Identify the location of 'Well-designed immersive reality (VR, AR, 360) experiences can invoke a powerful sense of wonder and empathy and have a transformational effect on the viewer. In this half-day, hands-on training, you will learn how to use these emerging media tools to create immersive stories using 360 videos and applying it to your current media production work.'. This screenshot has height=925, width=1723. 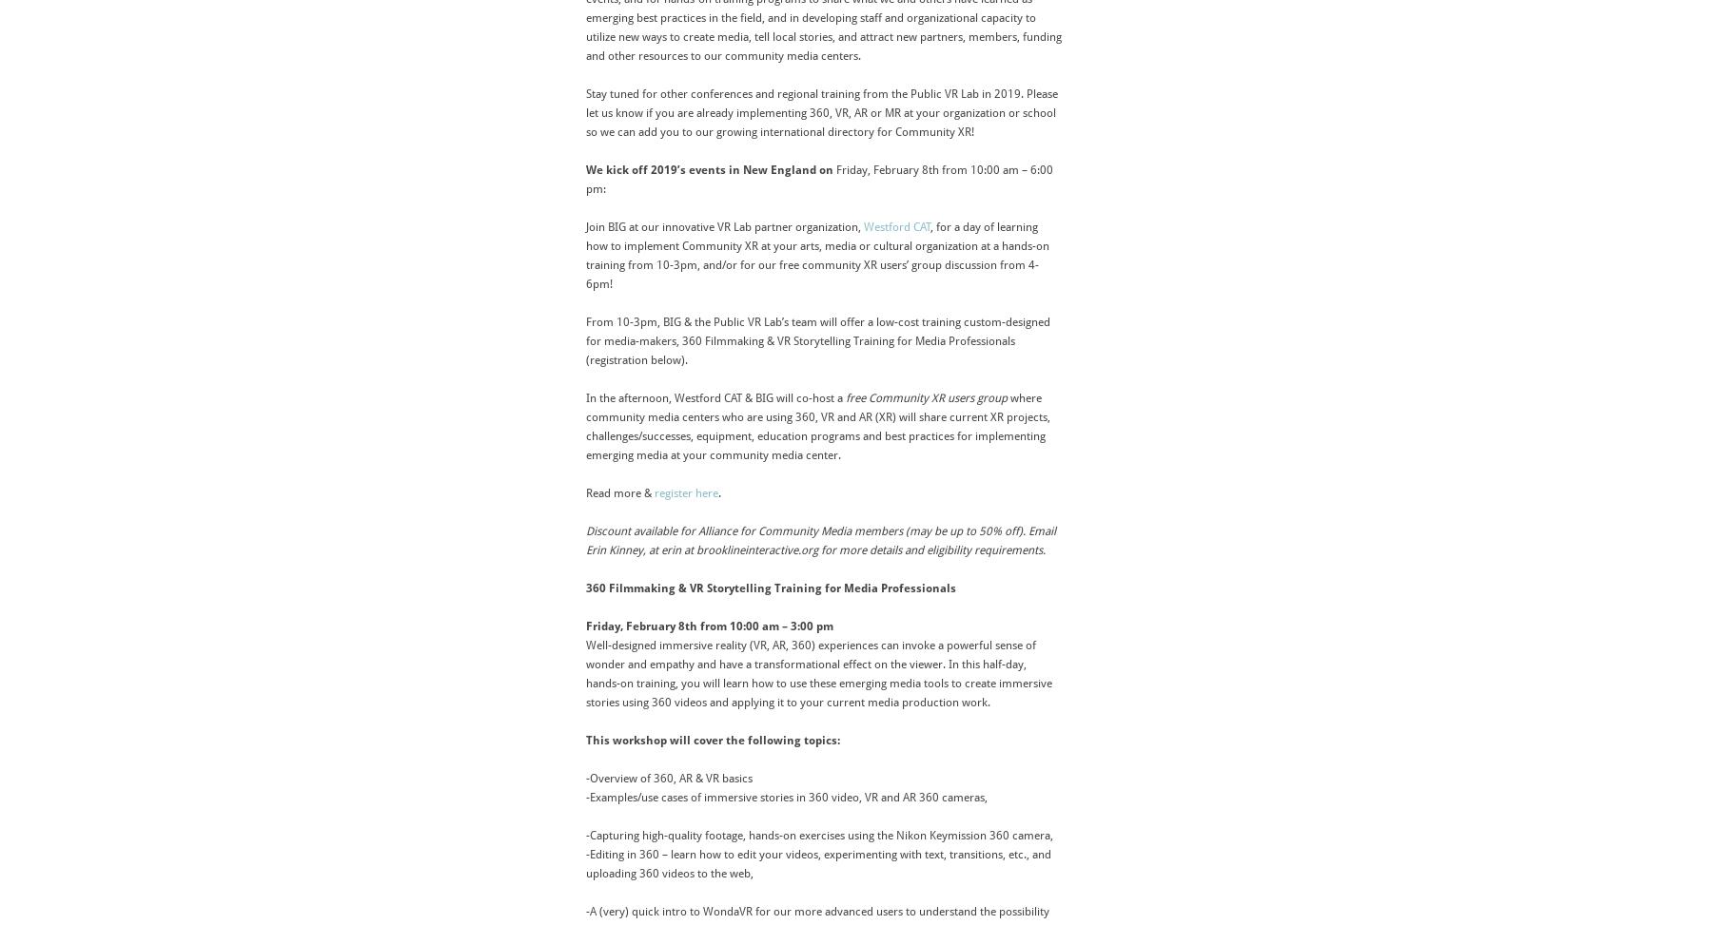
(818, 674).